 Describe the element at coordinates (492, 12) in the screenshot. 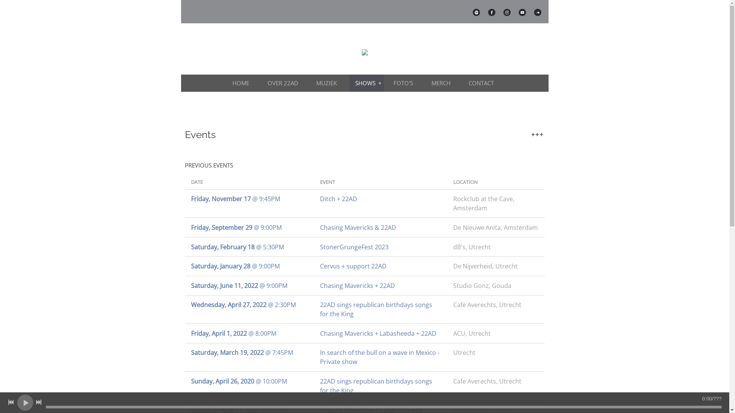

I see `'http://www.facebook.com/22admusic'` at that location.